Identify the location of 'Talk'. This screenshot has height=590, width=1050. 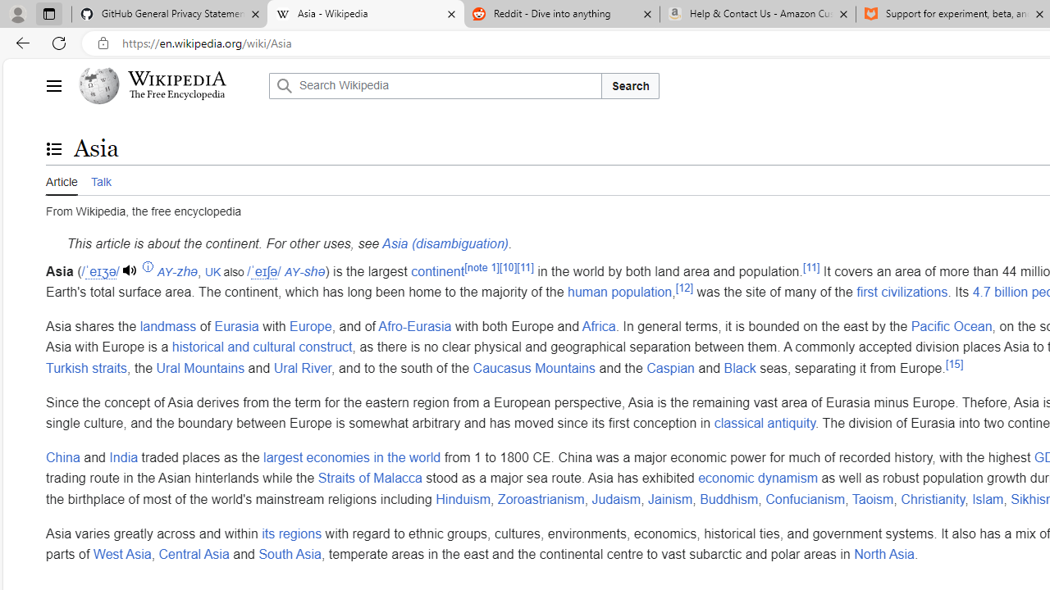
(99, 179).